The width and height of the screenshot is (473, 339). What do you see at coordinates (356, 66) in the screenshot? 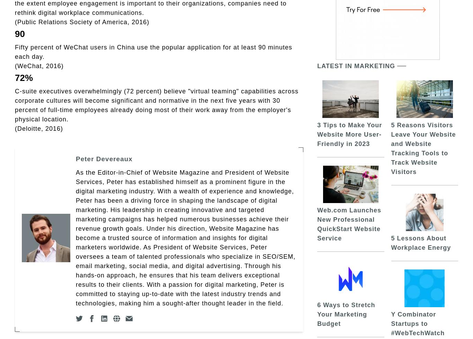
I see `'Latest in  Marketing'` at bounding box center [356, 66].